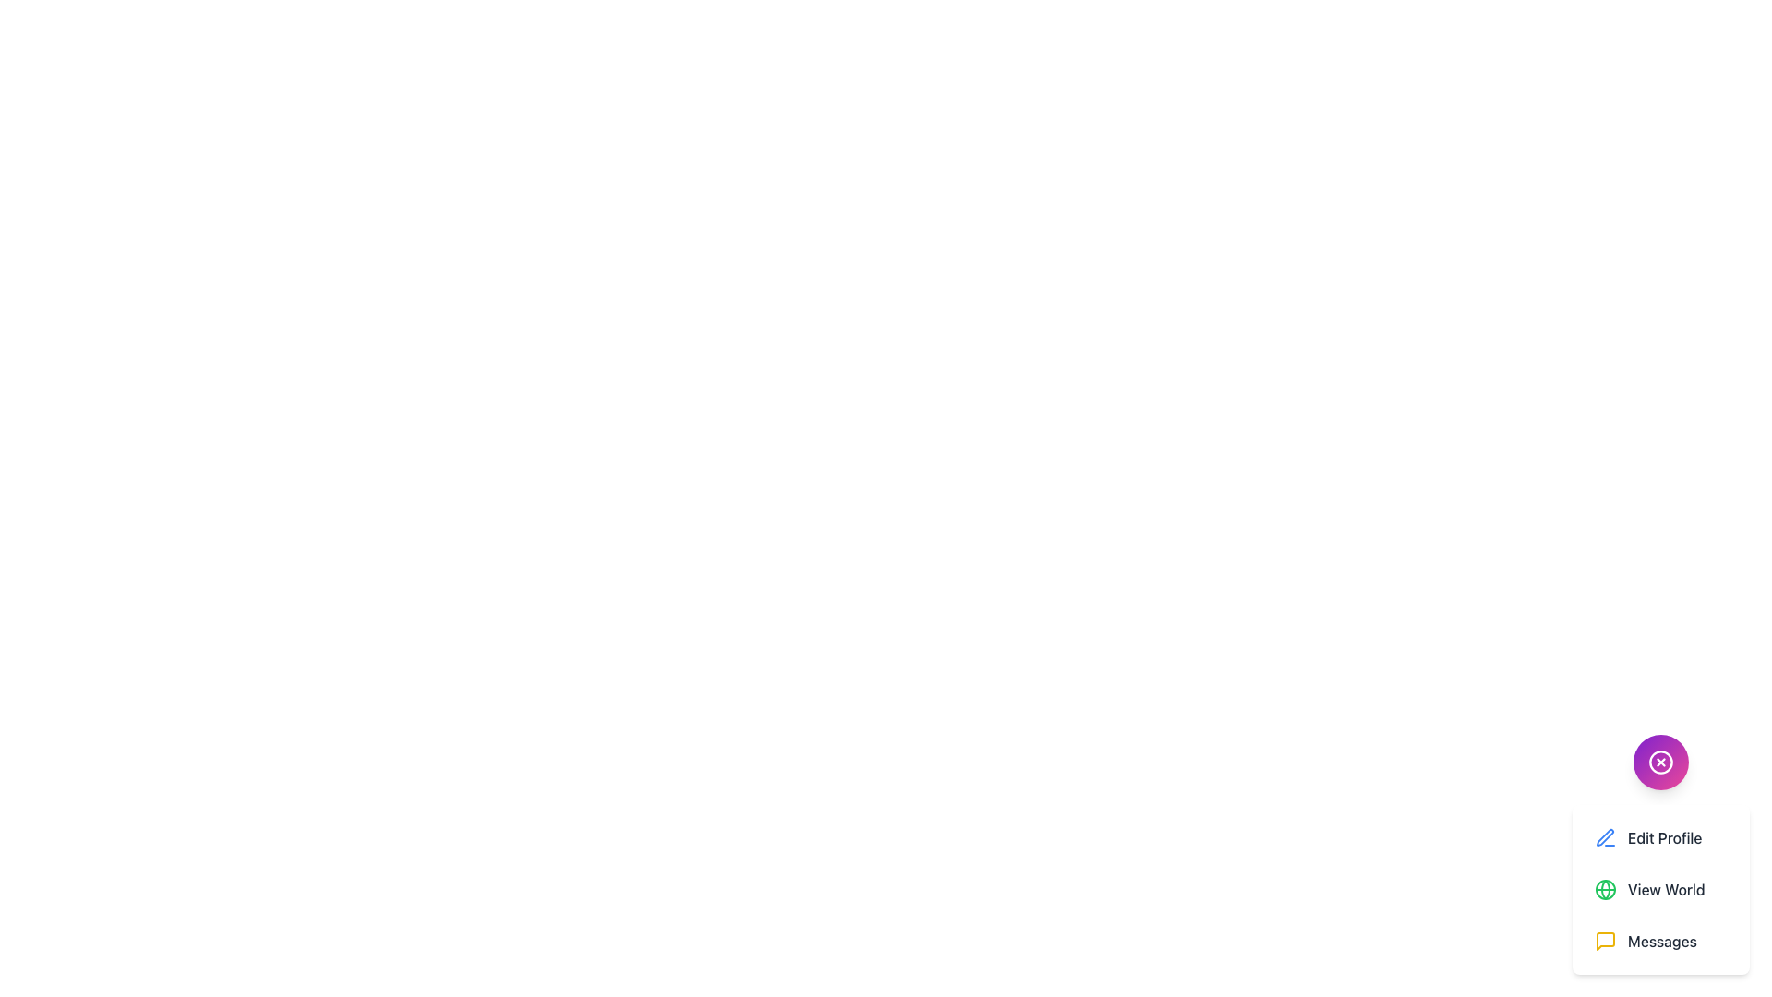  Describe the element at coordinates (1661, 889) in the screenshot. I see `the 'View World' button, which is the second item in a vertical list of buttons` at that location.